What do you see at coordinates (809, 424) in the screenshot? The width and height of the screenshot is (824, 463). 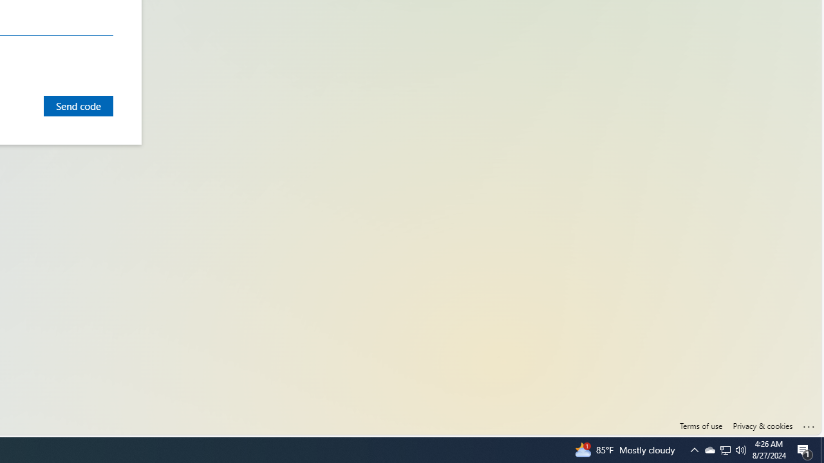 I see `'Click here for troubleshooting information'` at bounding box center [809, 424].